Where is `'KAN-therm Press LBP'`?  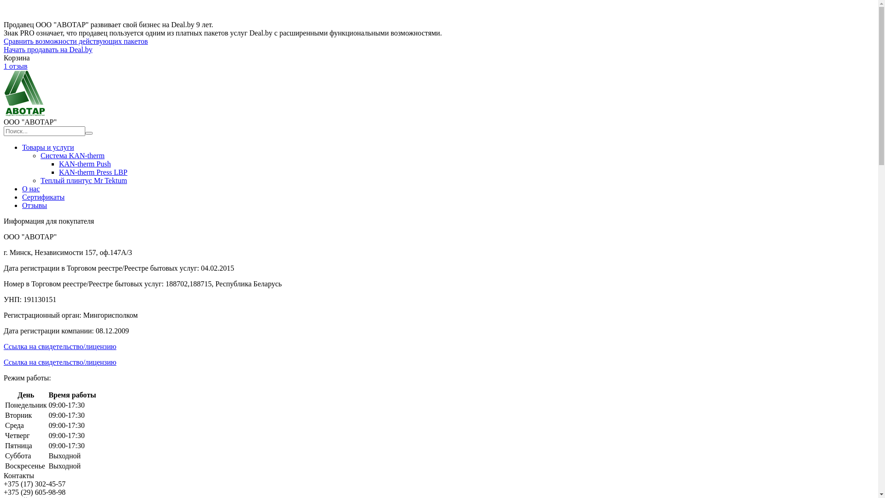
'KAN-therm Press LBP' is located at coordinates (93, 172).